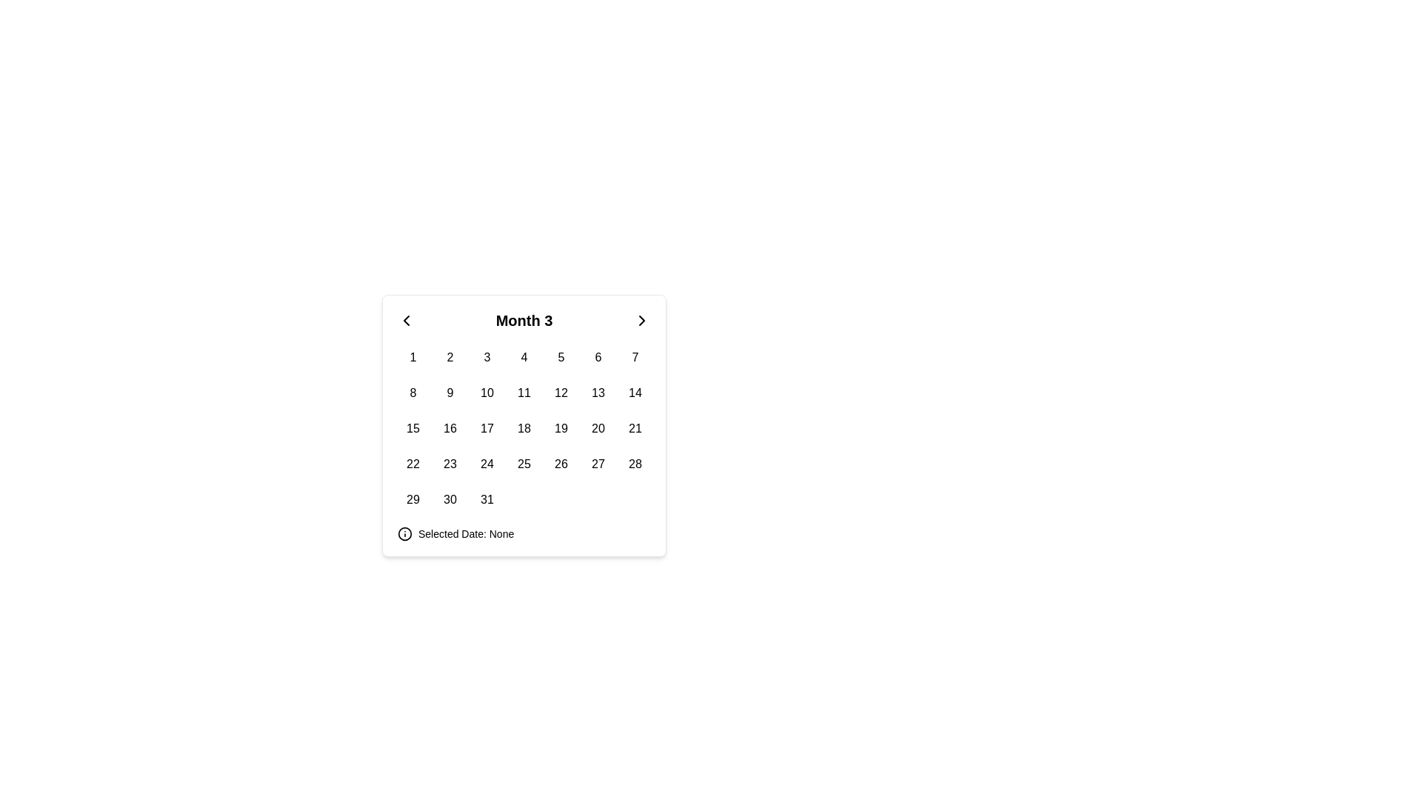 Image resolution: width=1422 pixels, height=800 pixels. I want to click on the left-pointing chevron SVG button located within the calendar popup component, positioned at the top-left corner near the current month display, for visual feedback, so click(406, 319).